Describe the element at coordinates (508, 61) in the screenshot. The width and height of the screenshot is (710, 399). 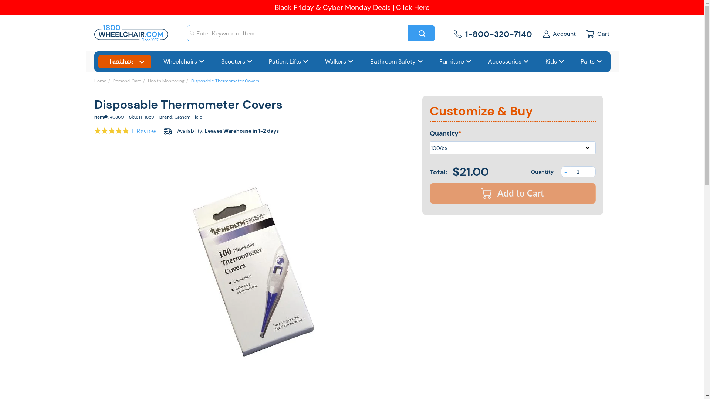
I see `'Accessories'` at that location.